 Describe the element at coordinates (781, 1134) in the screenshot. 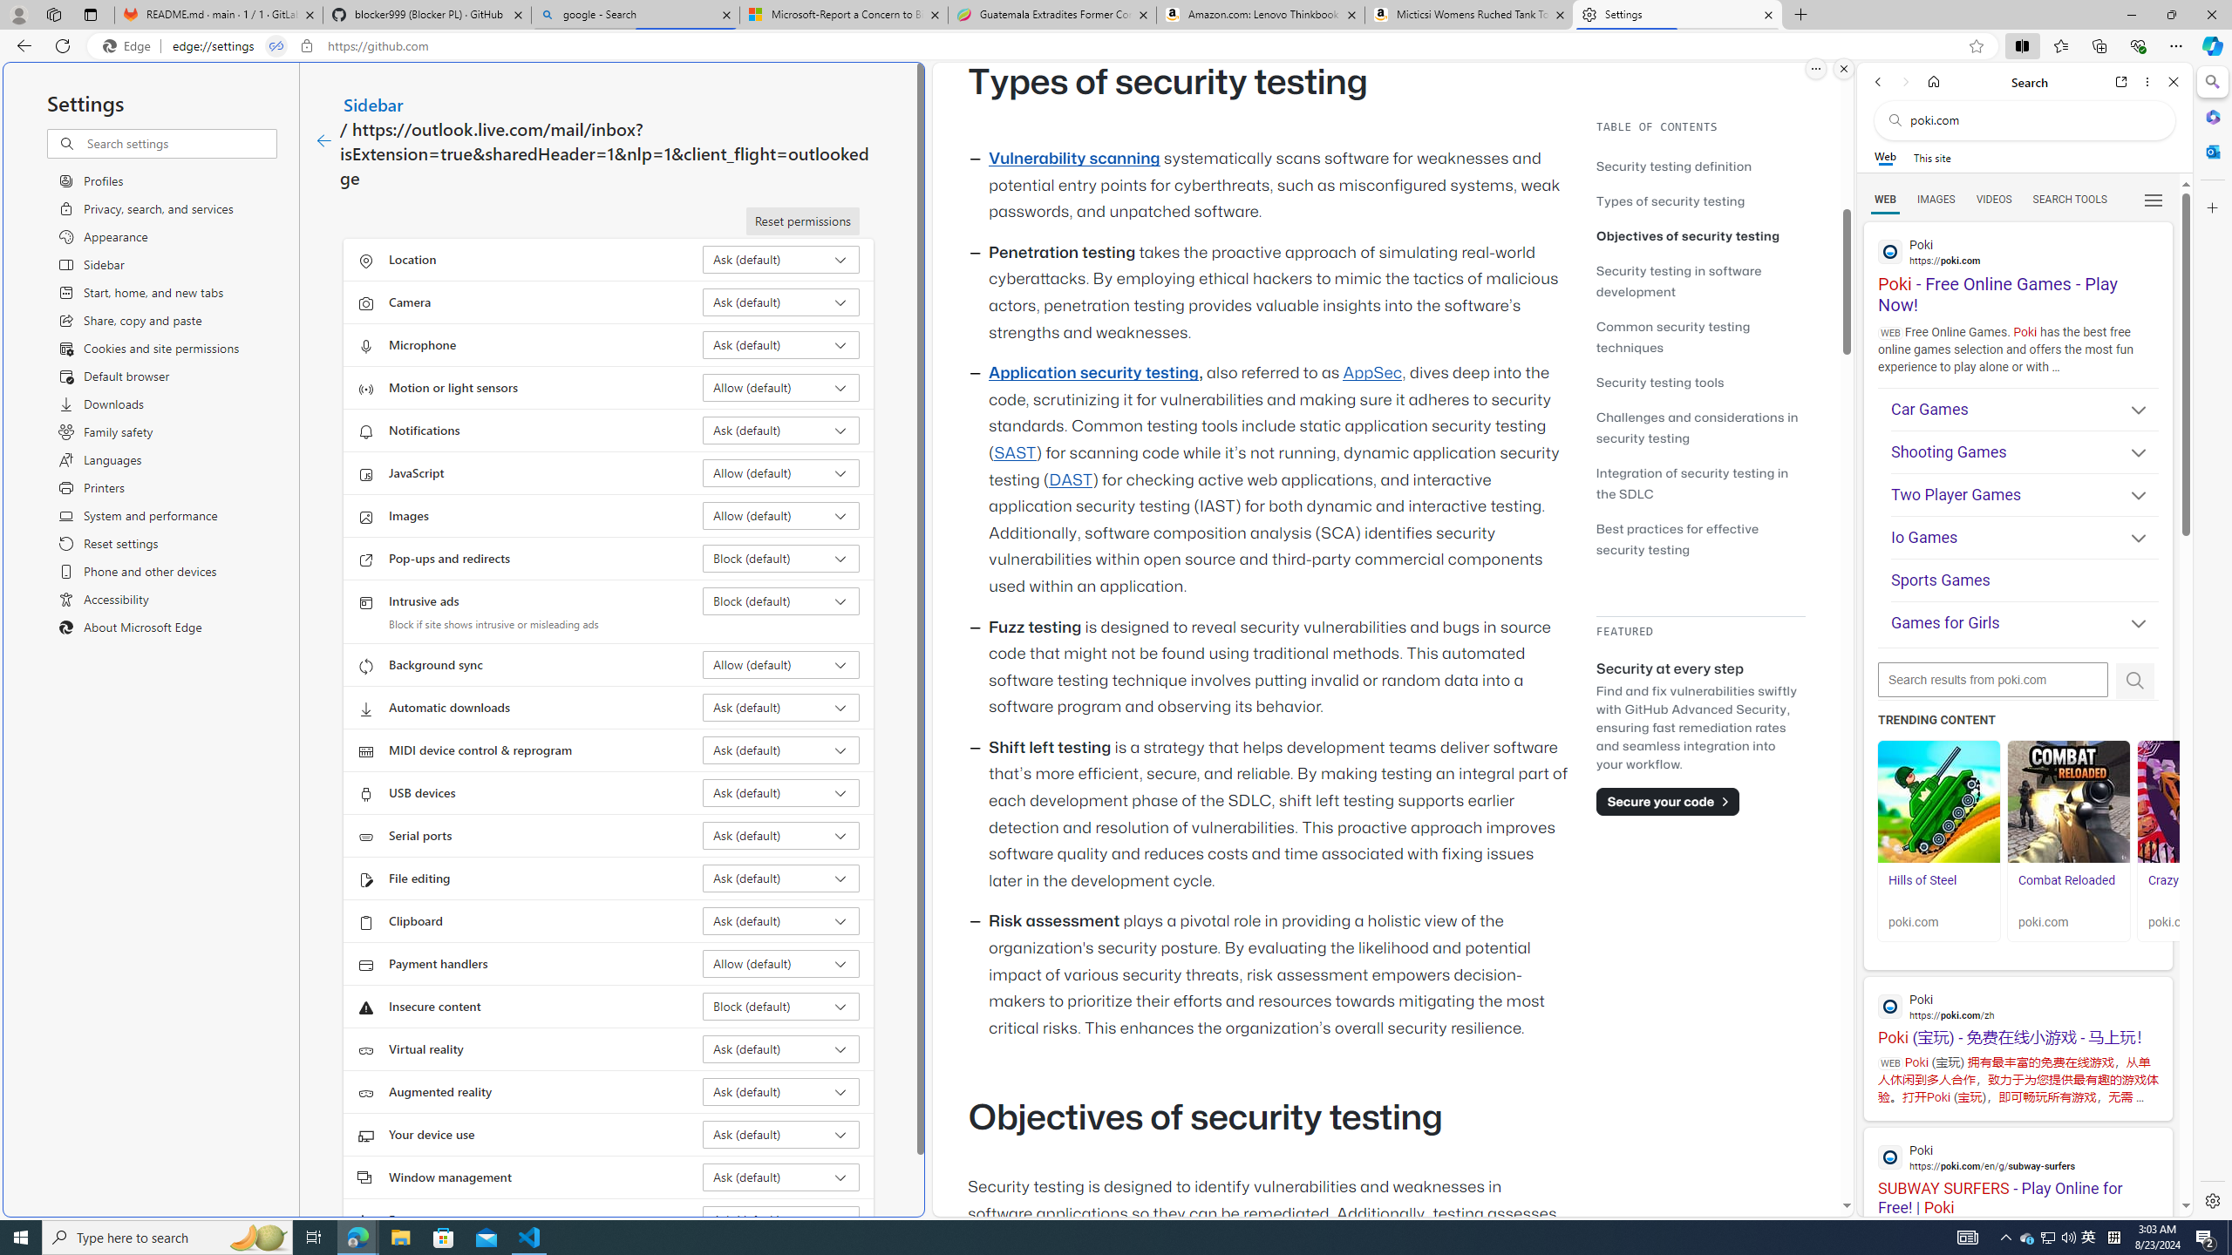

I see `'Your device use Ask (default)'` at that location.